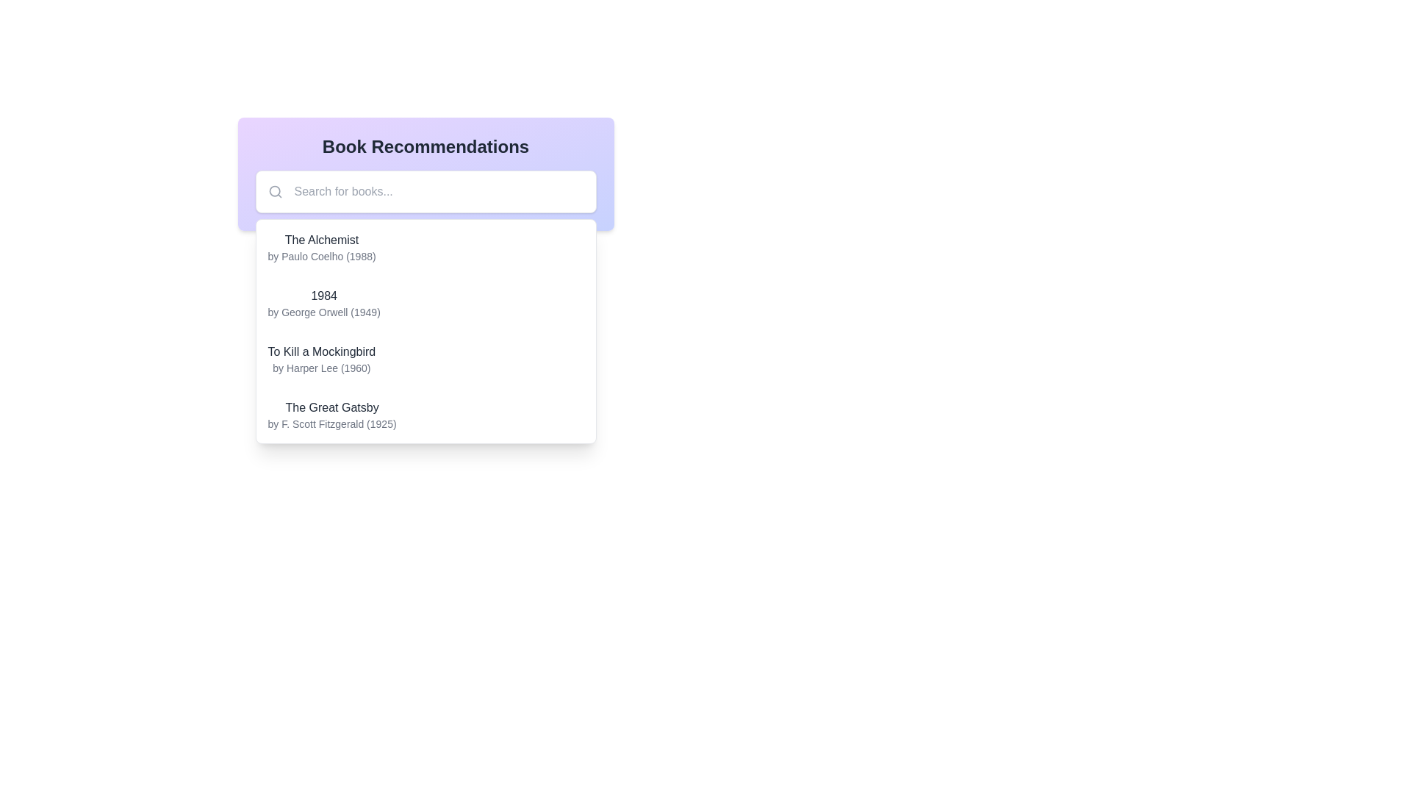 Image resolution: width=1411 pixels, height=794 pixels. I want to click on the Text display block displaying the book title '1984' by George Orwell (1949), which is located in a dropdown list of book recommendations, so click(323, 302).